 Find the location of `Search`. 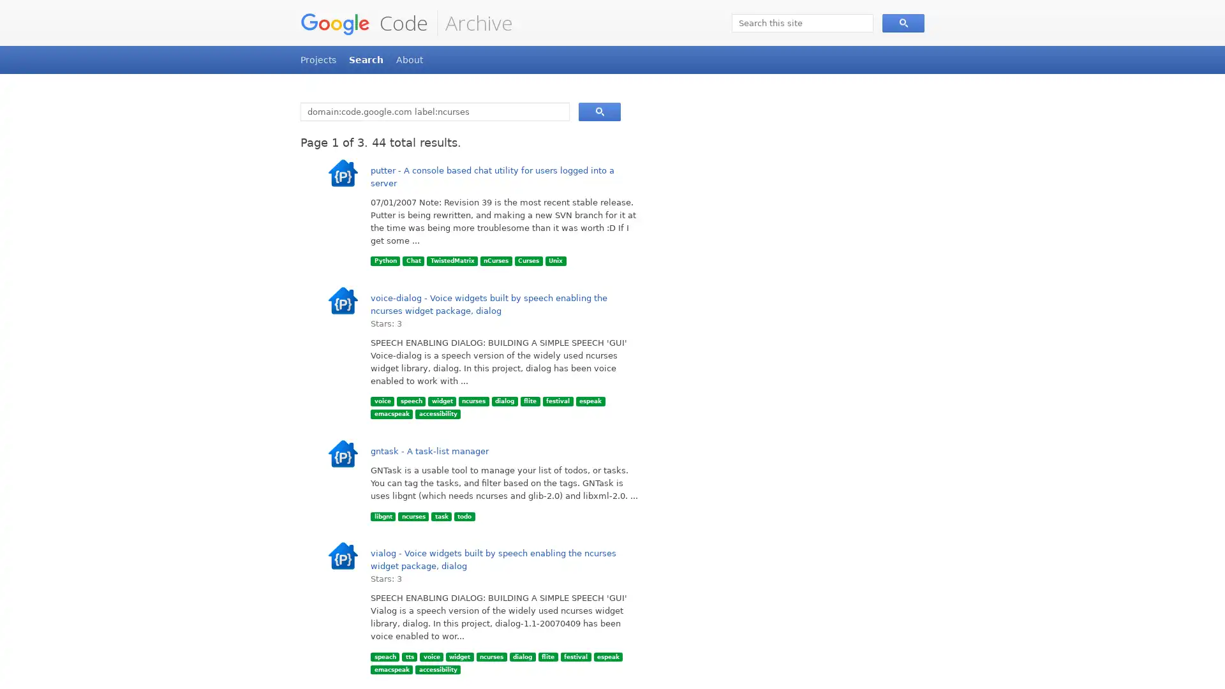

Search is located at coordinates (599, 111).